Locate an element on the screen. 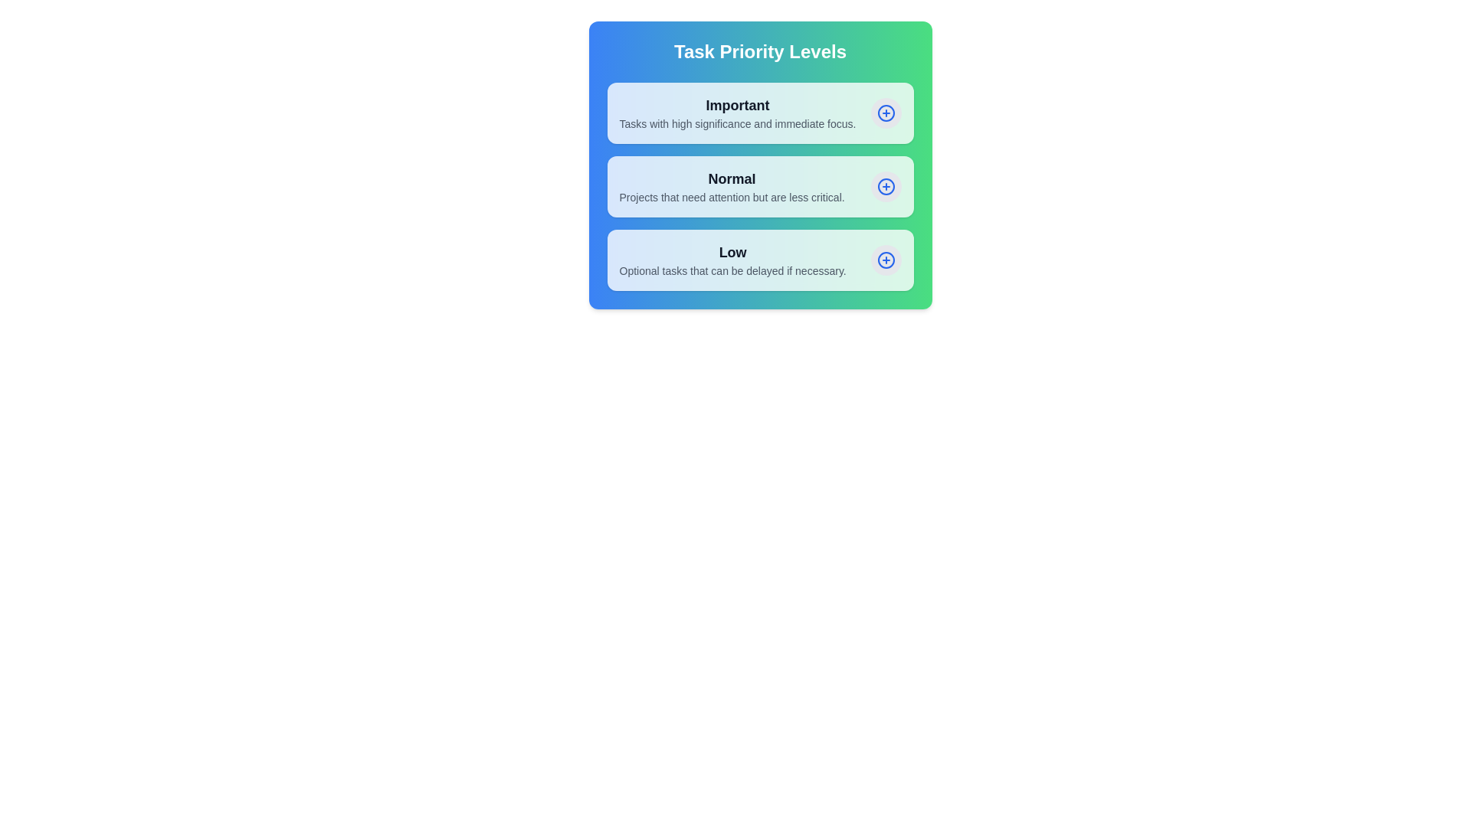 The image size is (1471, 827). the circular gray button with a blue plus icon located on the right side of the 'Low' section in the task priority levels panel is located at coordinates (886, 259).